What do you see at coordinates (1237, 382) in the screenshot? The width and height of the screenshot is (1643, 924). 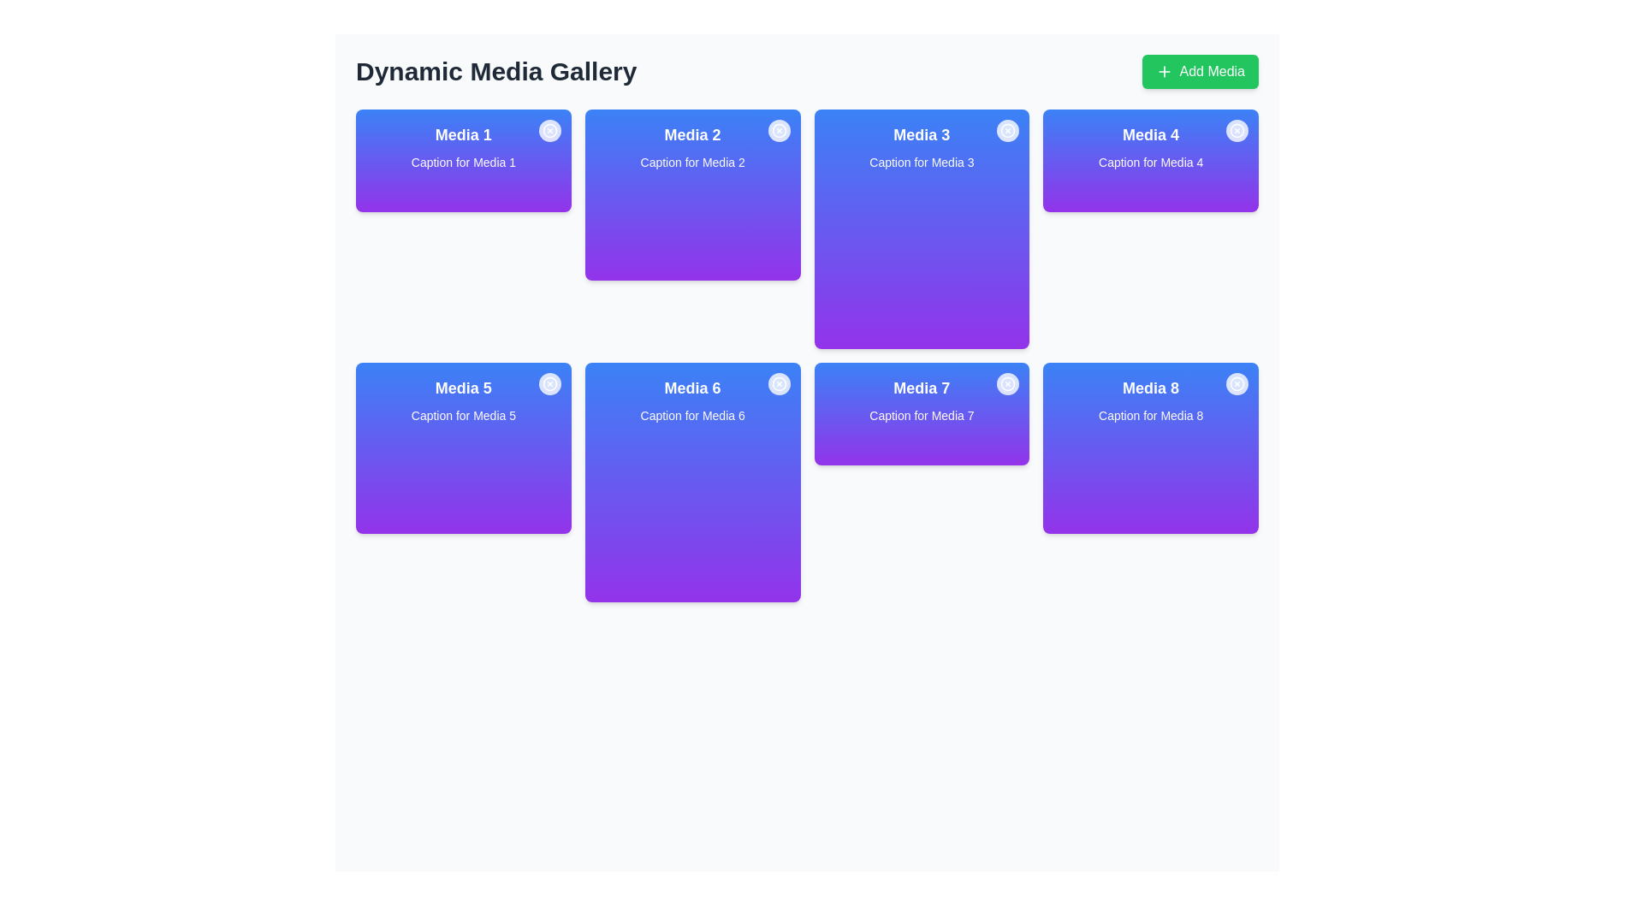 I see `the close button icon with an 'X' inside a circular design located at the top-right corner of the 'Media 8' card` at bounding box center [1237, 382].